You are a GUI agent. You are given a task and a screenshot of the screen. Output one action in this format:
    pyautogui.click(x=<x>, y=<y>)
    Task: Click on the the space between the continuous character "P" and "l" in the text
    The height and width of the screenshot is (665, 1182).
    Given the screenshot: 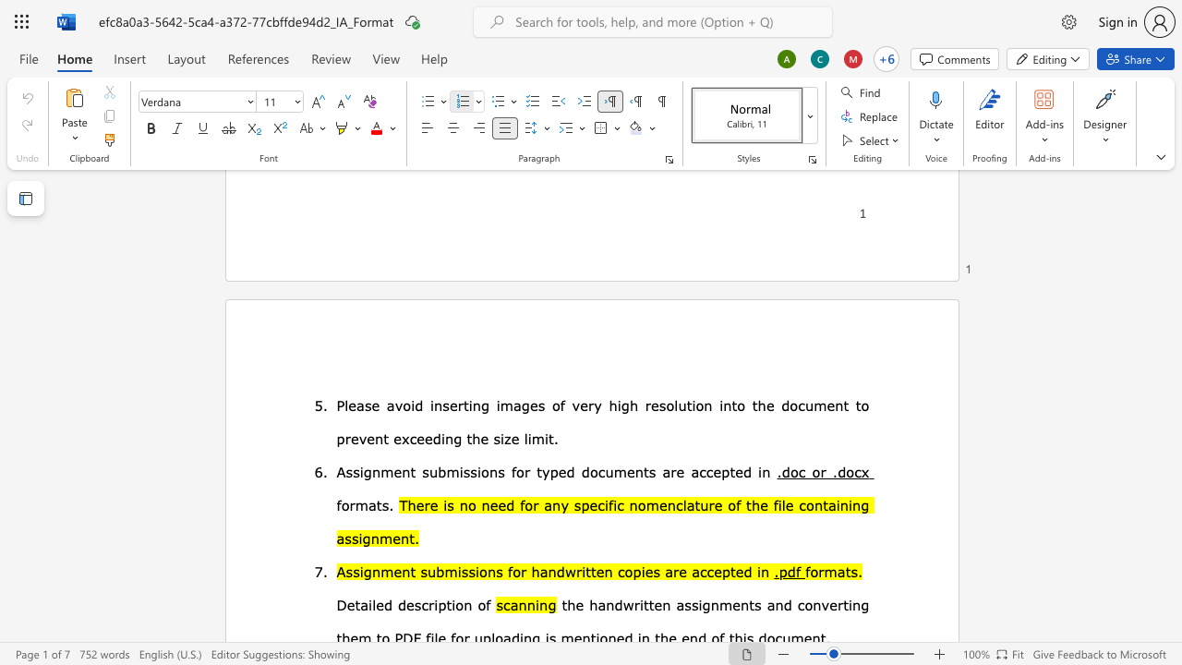 What is the action you would take?
    pyautogui.click(x=344, y=404)
    